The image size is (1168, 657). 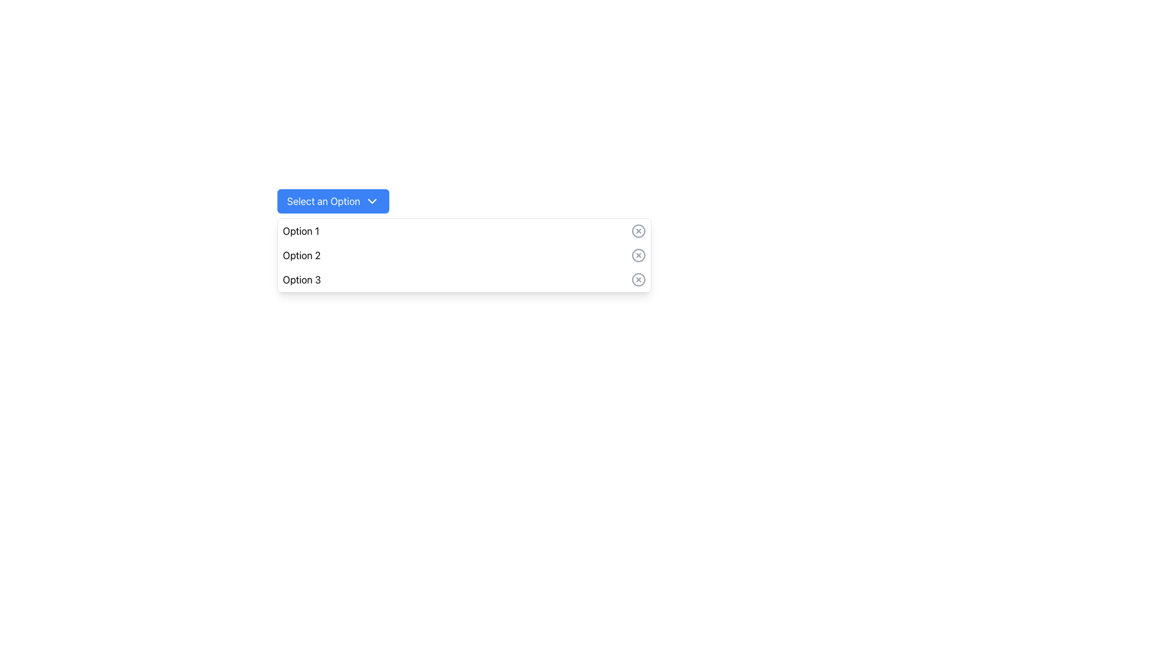 What do you see at coordinates (638, 279) in the screenshot?
I see `the Decorative SVG Circle, which serves as a visual representation within a dropdown menu, located at the far left of a list item` at bounding box center [638, 279].